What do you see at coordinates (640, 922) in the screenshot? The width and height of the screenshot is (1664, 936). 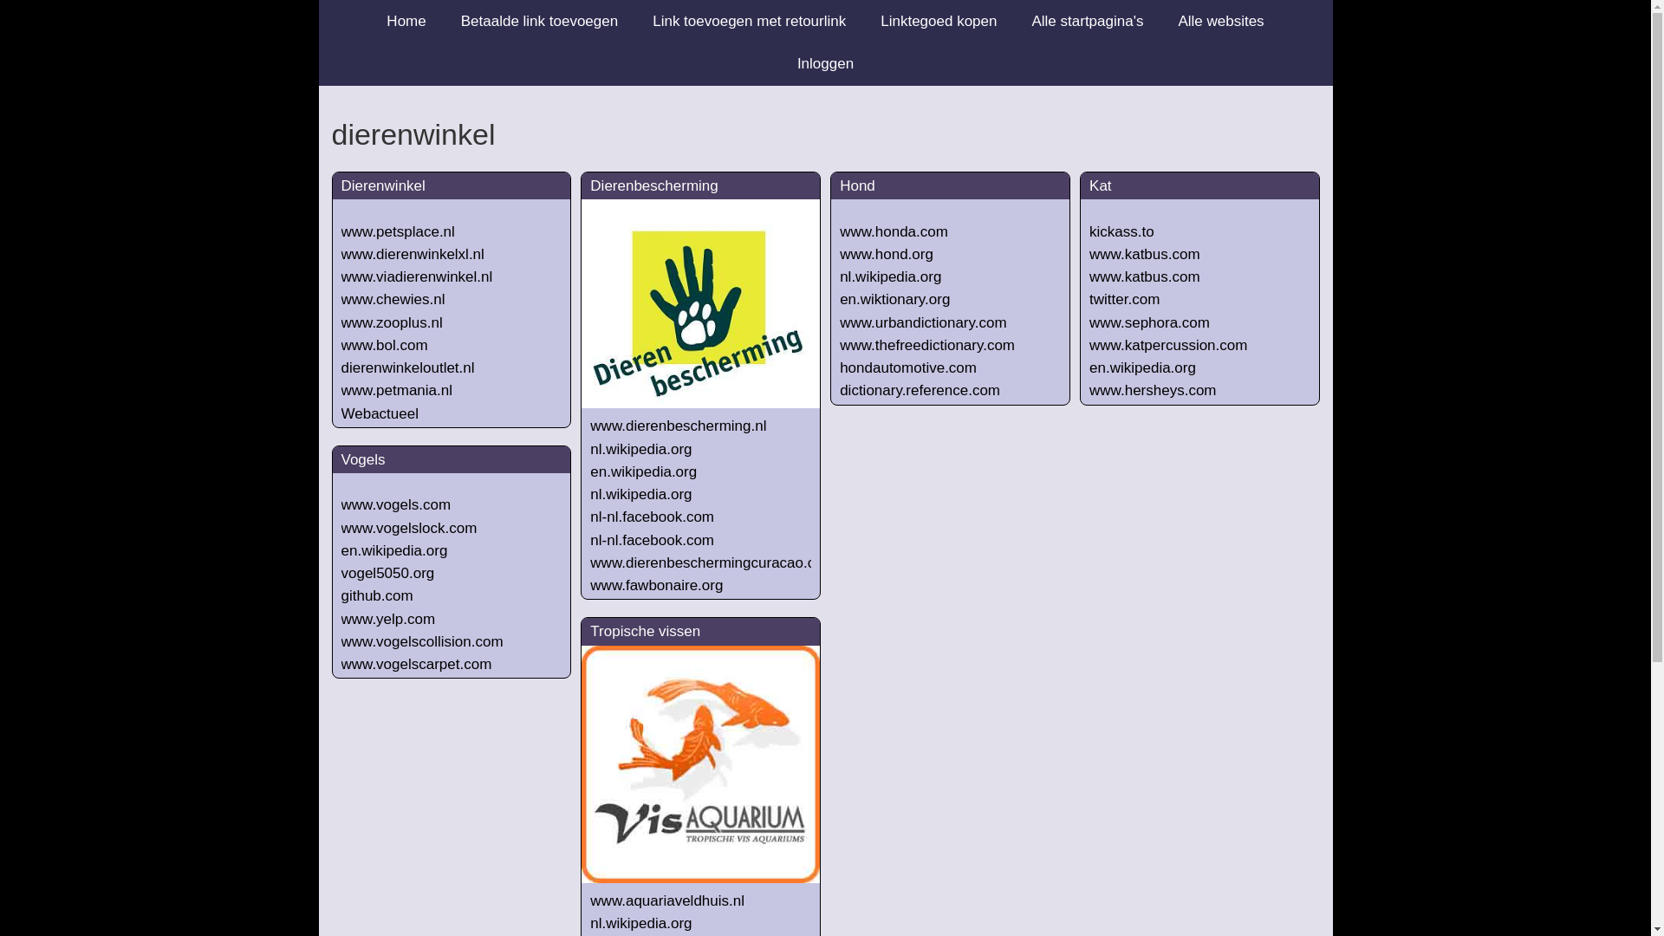 I see `'nl.wikipedia.org'` at bounding box center [640, 922].